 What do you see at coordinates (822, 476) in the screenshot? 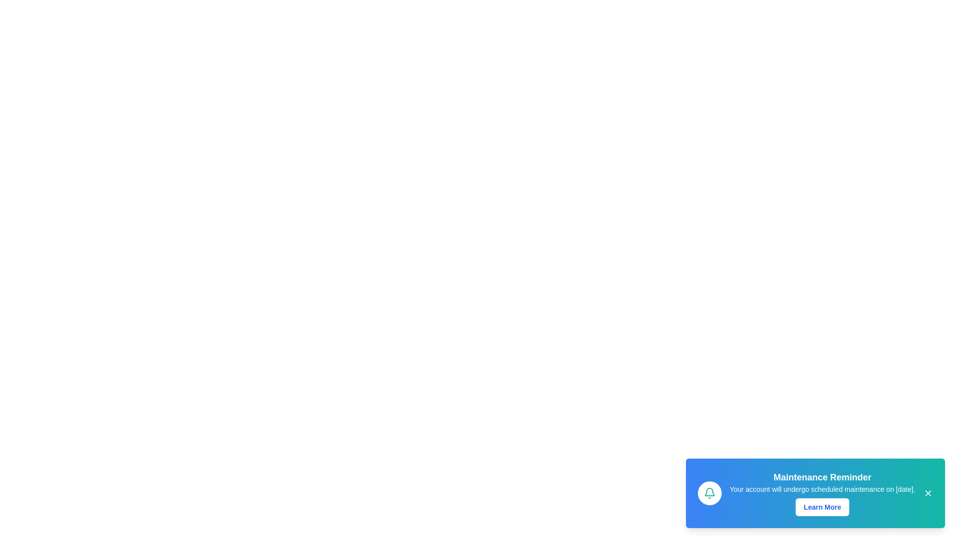
I see `the bold heading text 'Maintenance Reminder' that is white and centered in a notification card near the bottom-right corner of the interface` at bounding box center [822, 476].